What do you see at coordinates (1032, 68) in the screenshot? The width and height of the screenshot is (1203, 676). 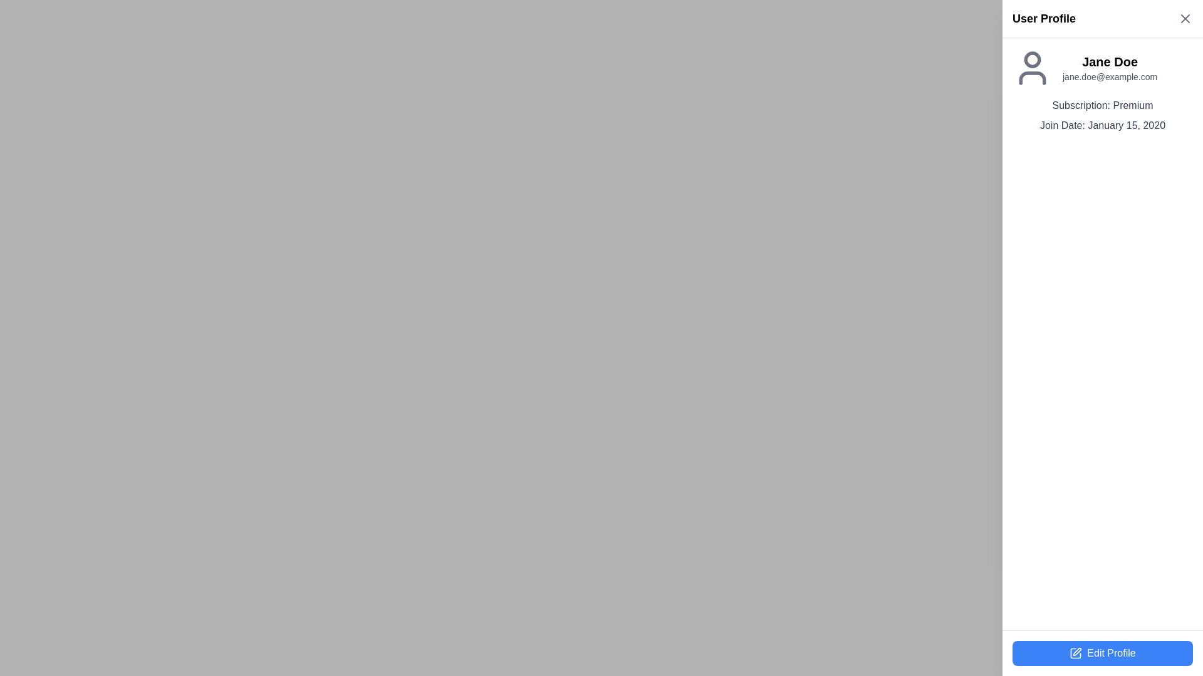 I see `the user profile icon located at the top-left area of the profile details section, adjacent to 'Jane Doe' name and email information` at bounding box center [1032, 68].